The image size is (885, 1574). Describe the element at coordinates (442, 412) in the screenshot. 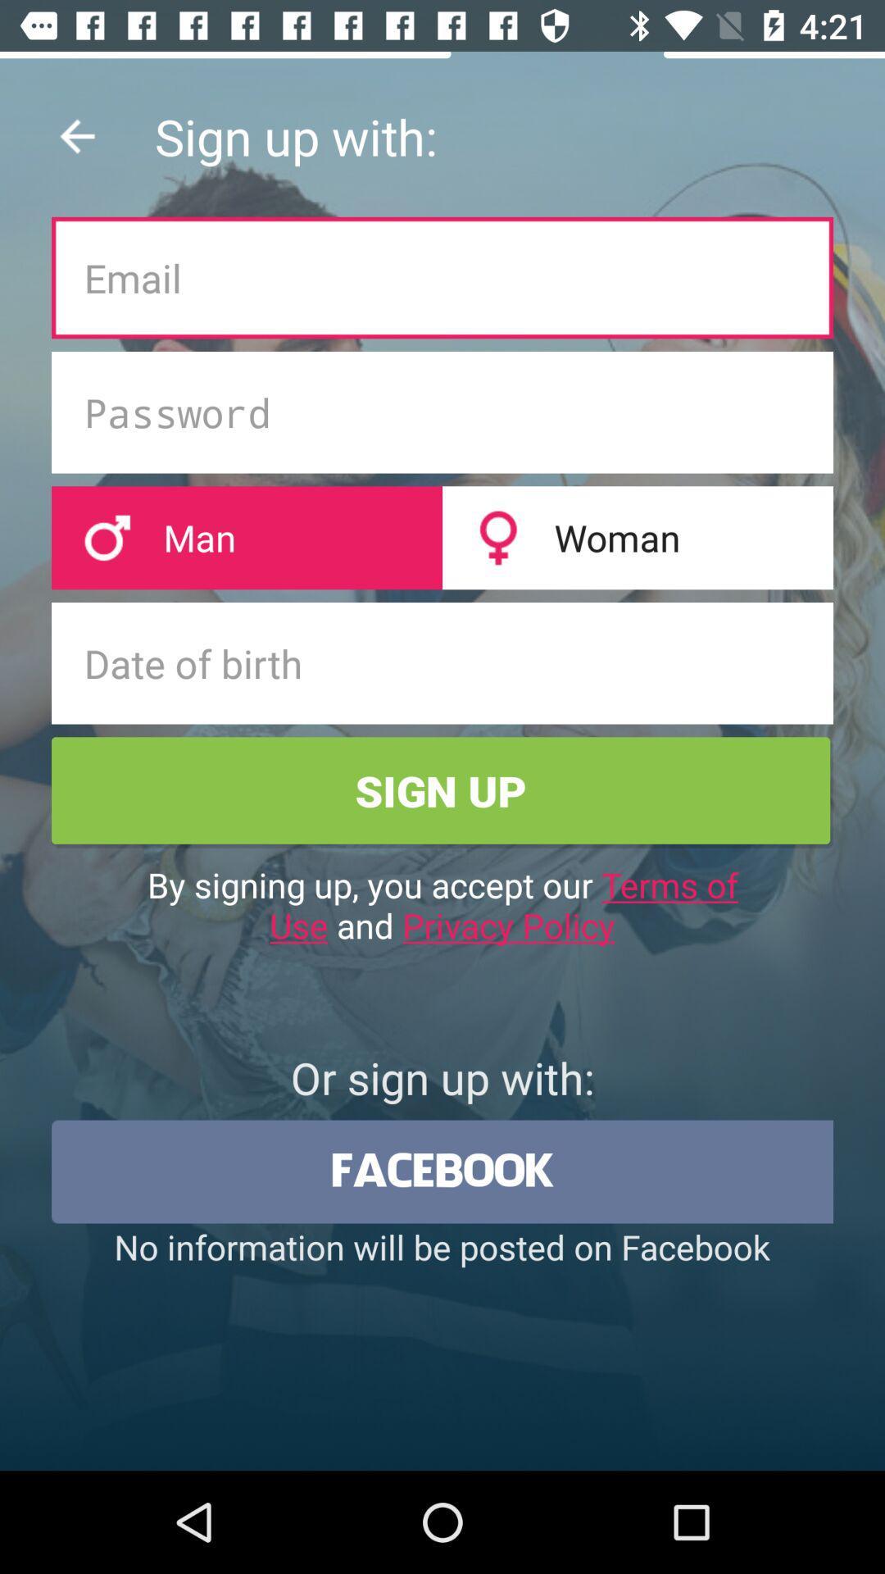

I see `the second text feed box` at that location.